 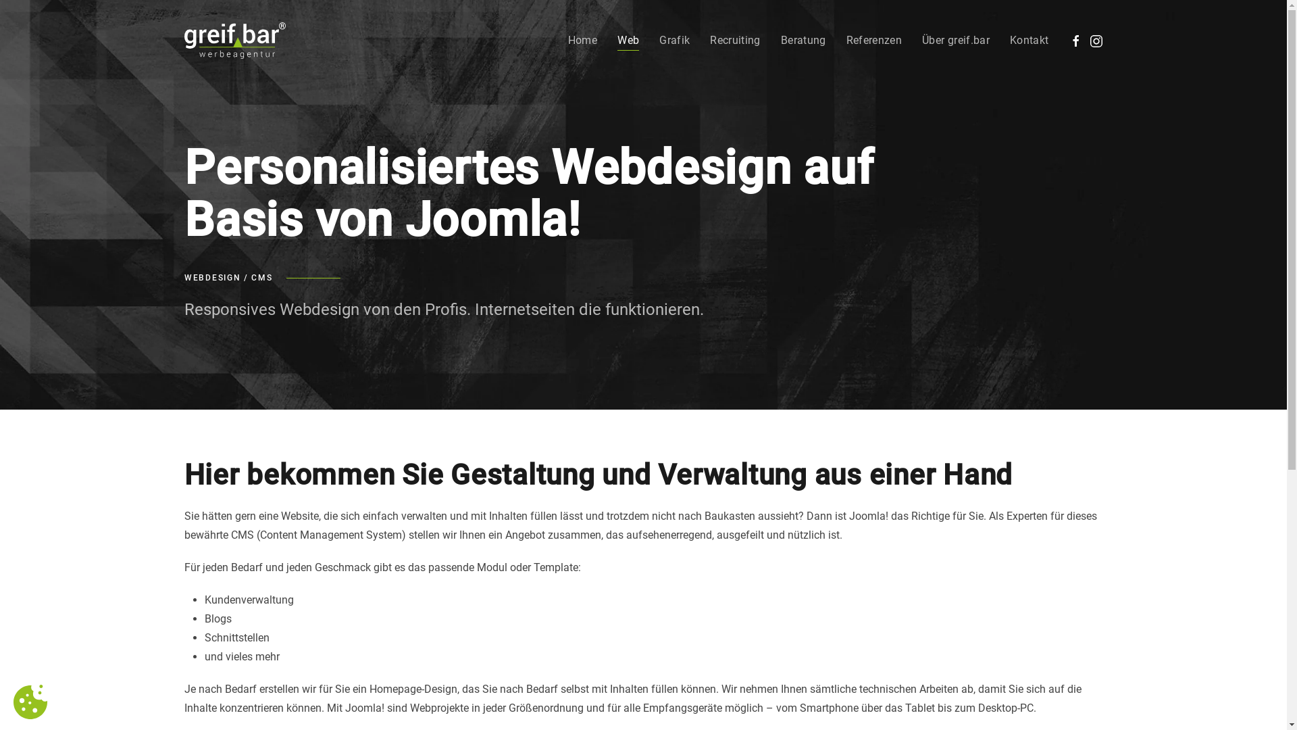 What do you see at coordinates (709, 40) in the screenshot?
I see `'Recruiting'` at bounding box center [709, 40].